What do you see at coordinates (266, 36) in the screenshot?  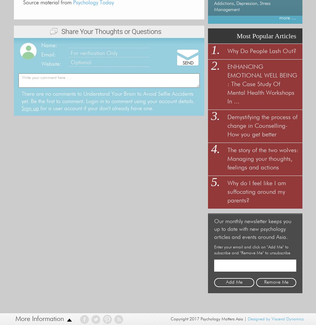 I see `'Most Popular Articles'` at bounding box center [266, 36].